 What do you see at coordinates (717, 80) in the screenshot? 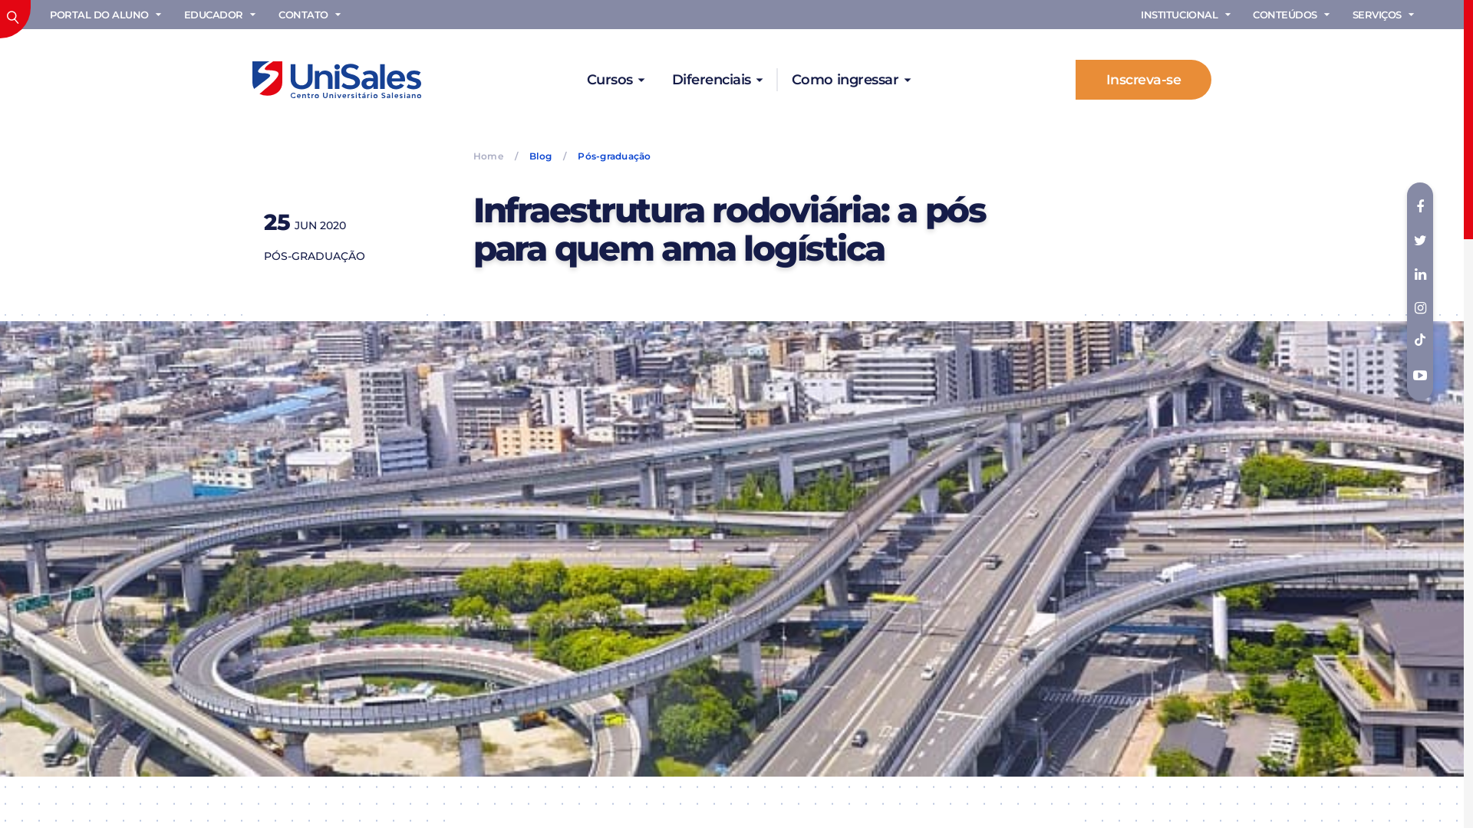
I see `'Diferenciais'` at bounding box center [717, 80].